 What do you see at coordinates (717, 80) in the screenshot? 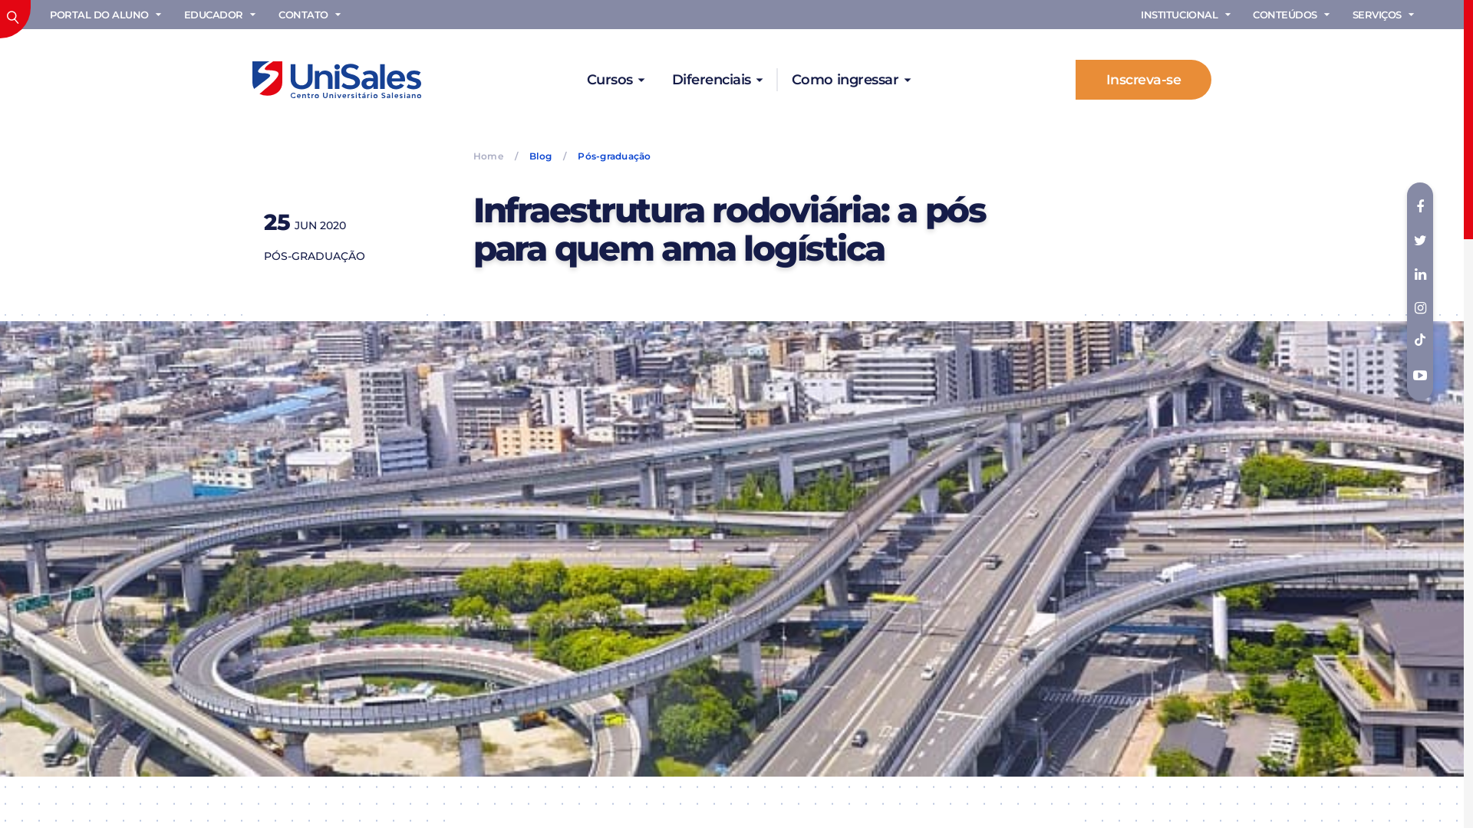
I see `'Diferenciais'` at bounding box center [717, 80].